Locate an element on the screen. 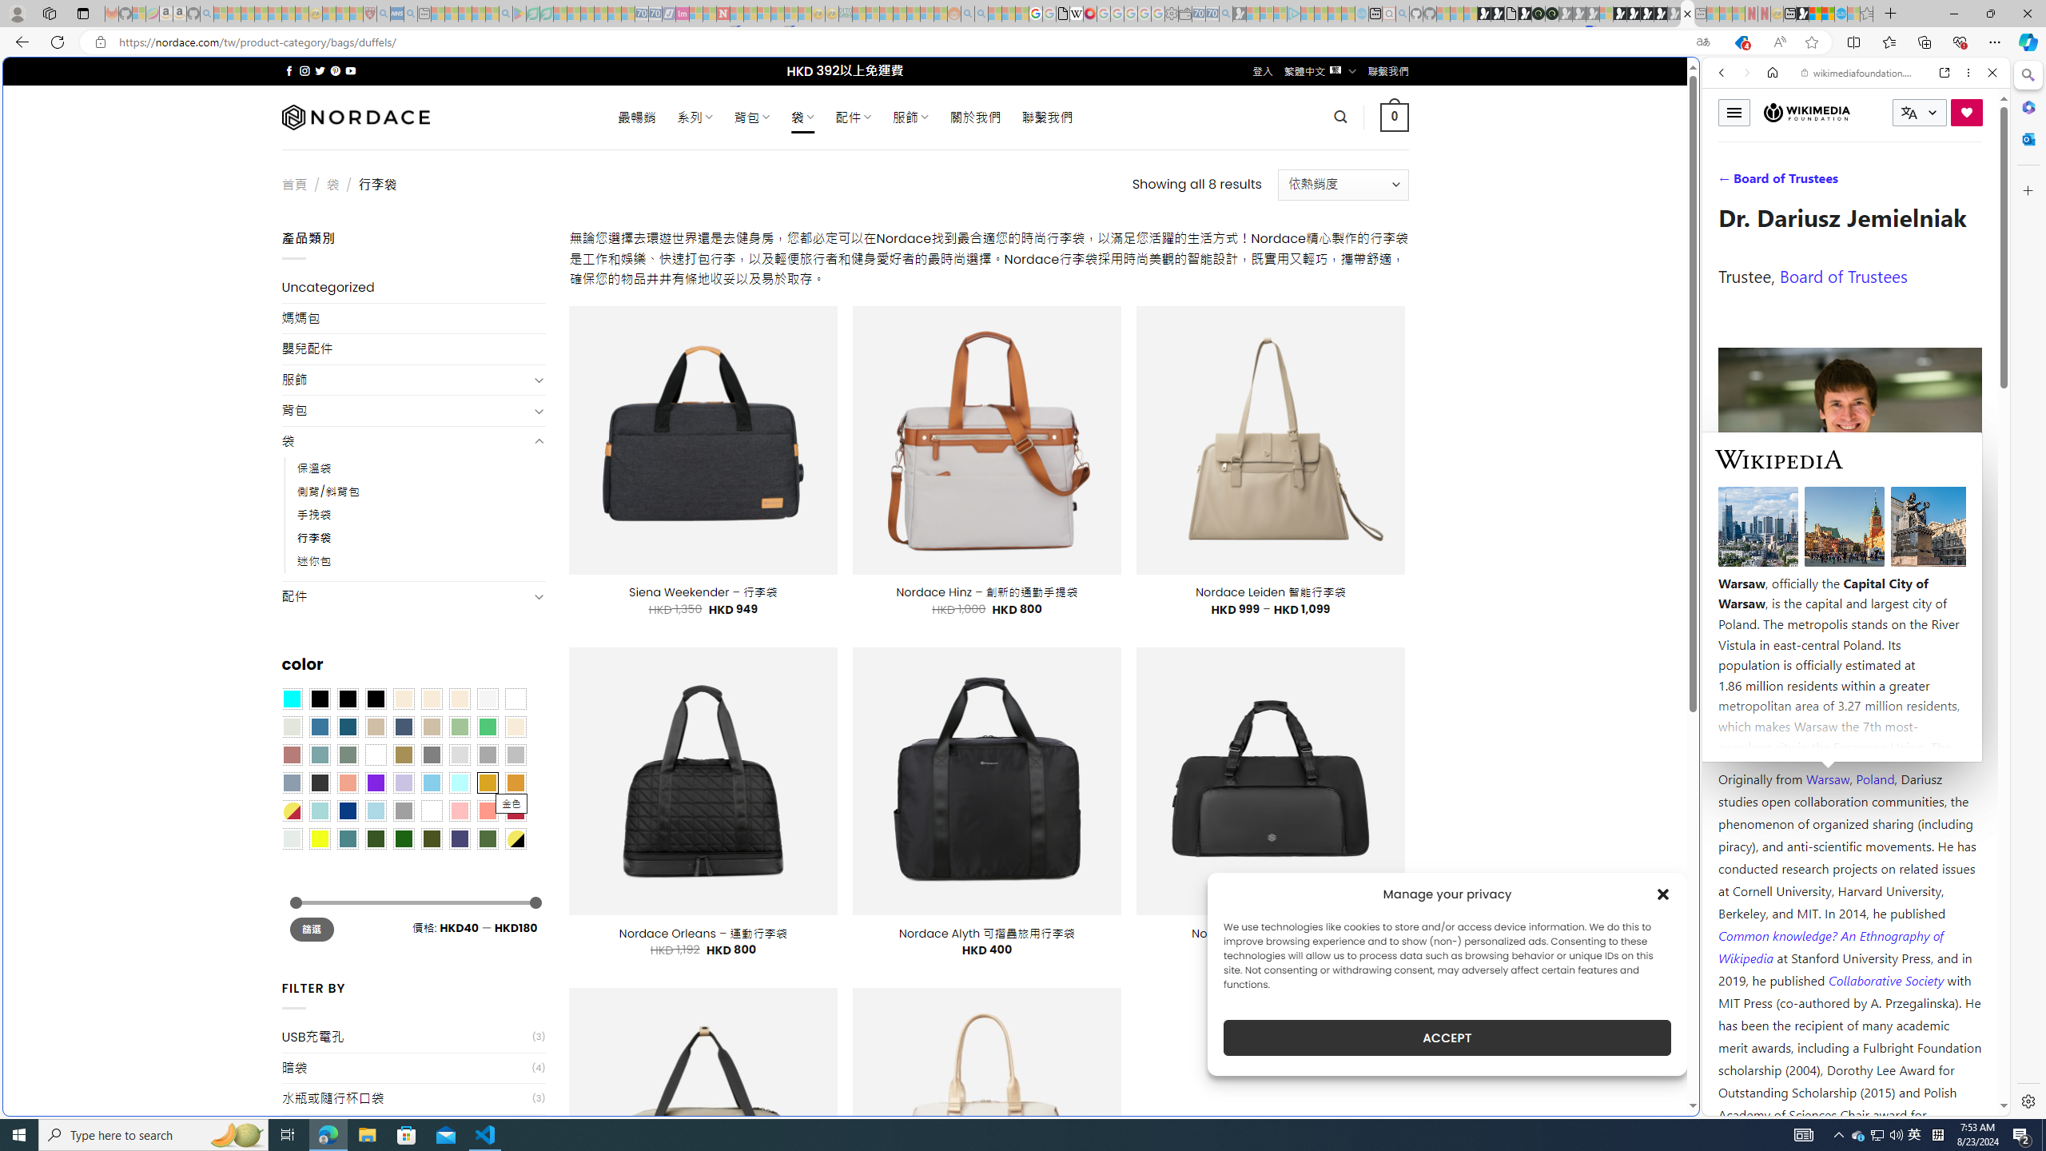 This screenshot has height=1151, width=2046. 'Search Filter, WEB' is located at coordinates (1728, 181).